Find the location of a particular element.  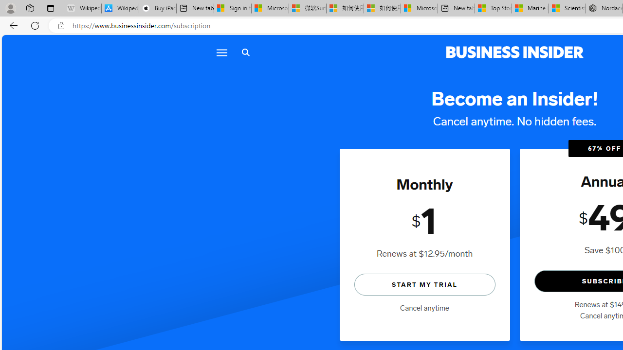

'Search icon' is located at coordinates (245, 52).